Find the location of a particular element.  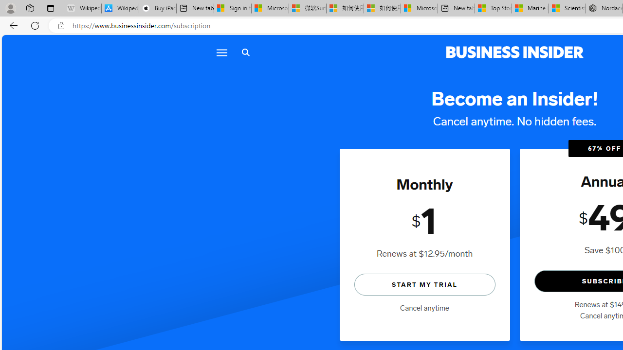

'Search icon' is located at coordinates (245, 52).